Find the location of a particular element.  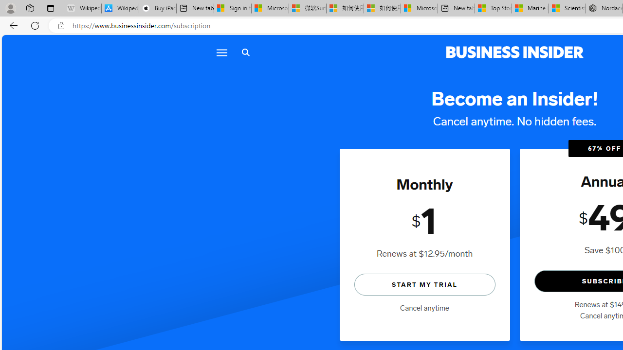

'Search icon' is located at coordinates (245, 52).